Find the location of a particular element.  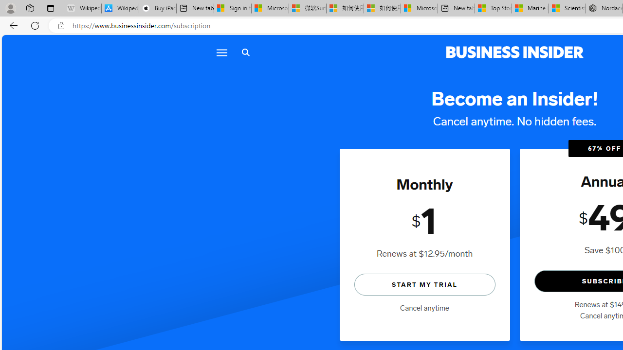

'Search icon' is located at coordinates (245, 52).